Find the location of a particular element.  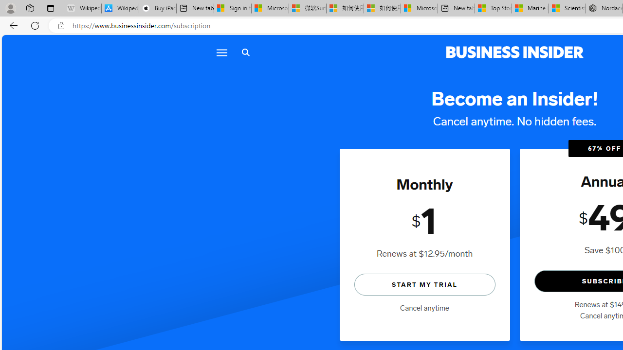

'Search icon' is located at coordinates (245, 52).